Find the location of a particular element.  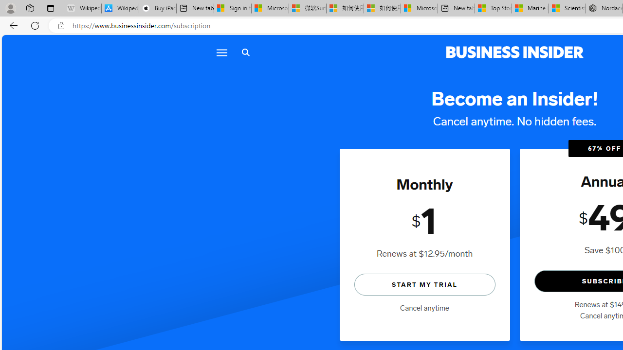

'Search icon' is located at coordinates (245, 52).